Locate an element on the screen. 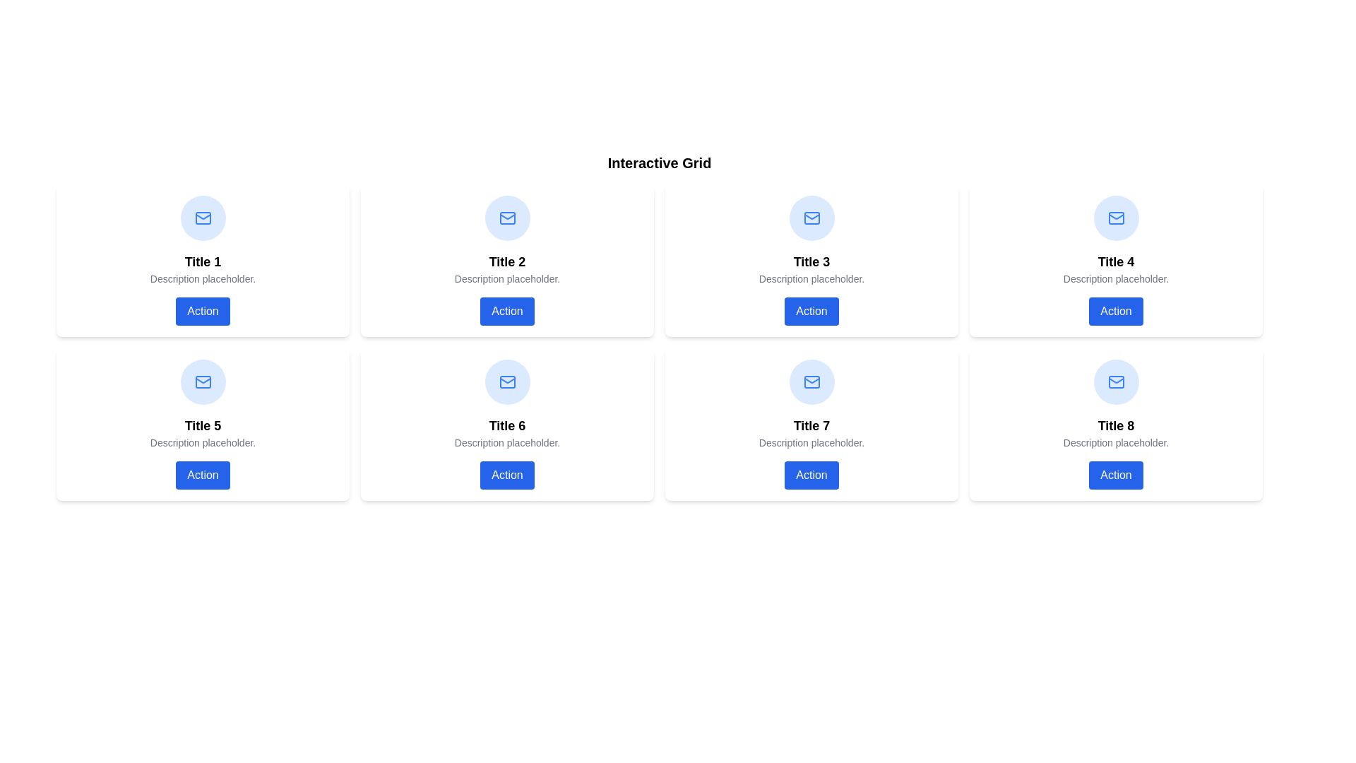  the communication icon located within the highlighted card labeled 'Title 2', which is centered at the top within a circular background is located at coordinates (507, 218).